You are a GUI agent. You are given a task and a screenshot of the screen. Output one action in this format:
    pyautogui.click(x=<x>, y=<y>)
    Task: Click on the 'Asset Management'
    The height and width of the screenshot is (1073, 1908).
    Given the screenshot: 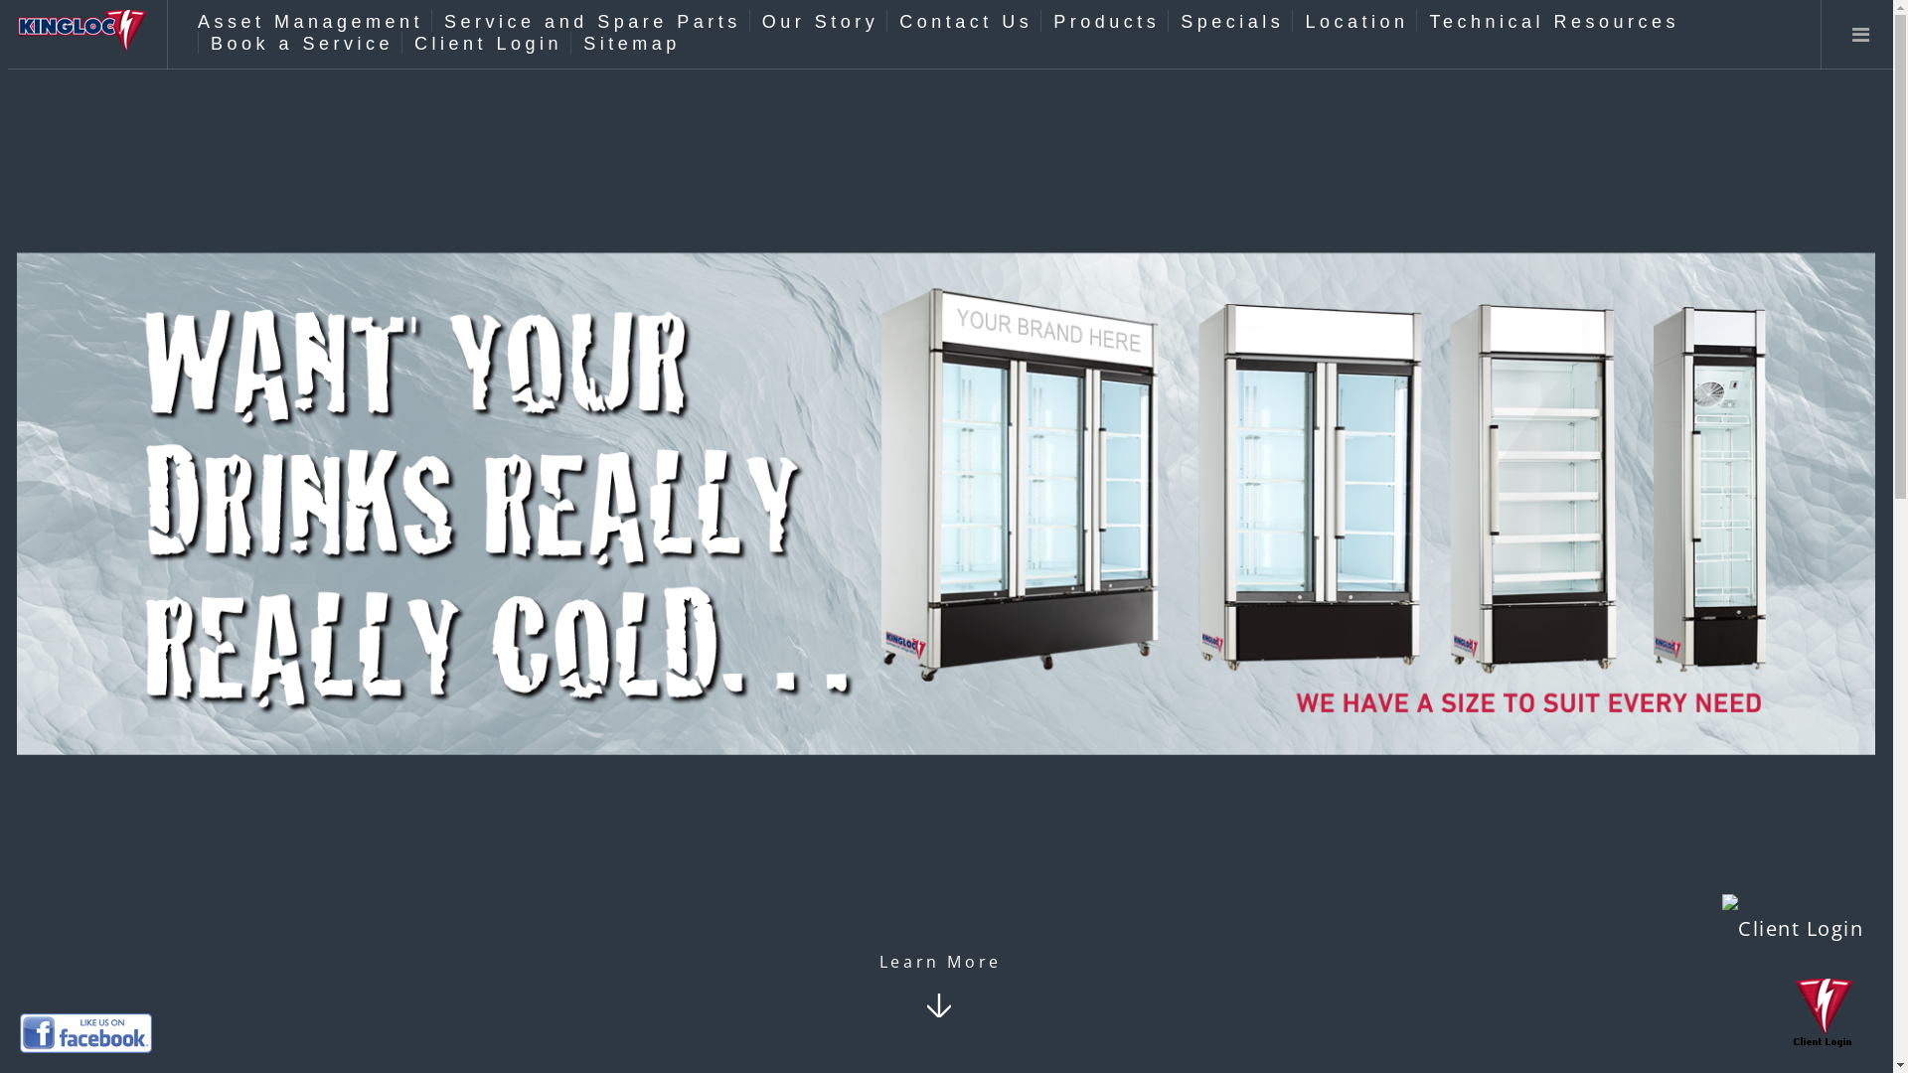 What is the action you would take?
    pyautogui.click(x=309, y=22)
    